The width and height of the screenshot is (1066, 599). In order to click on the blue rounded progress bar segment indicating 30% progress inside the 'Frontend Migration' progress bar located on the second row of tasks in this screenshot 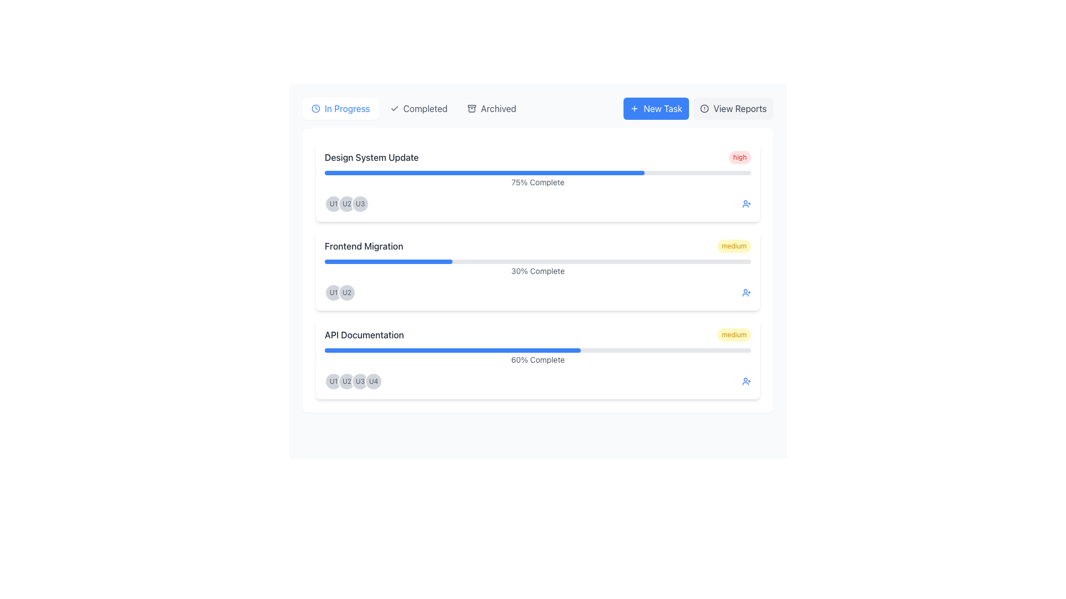, I will do `click(389, 261)`.